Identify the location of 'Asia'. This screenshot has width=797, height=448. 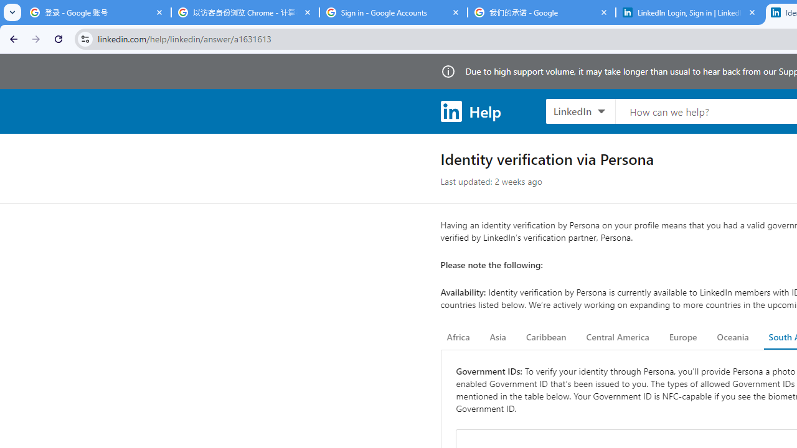
(497, 337).